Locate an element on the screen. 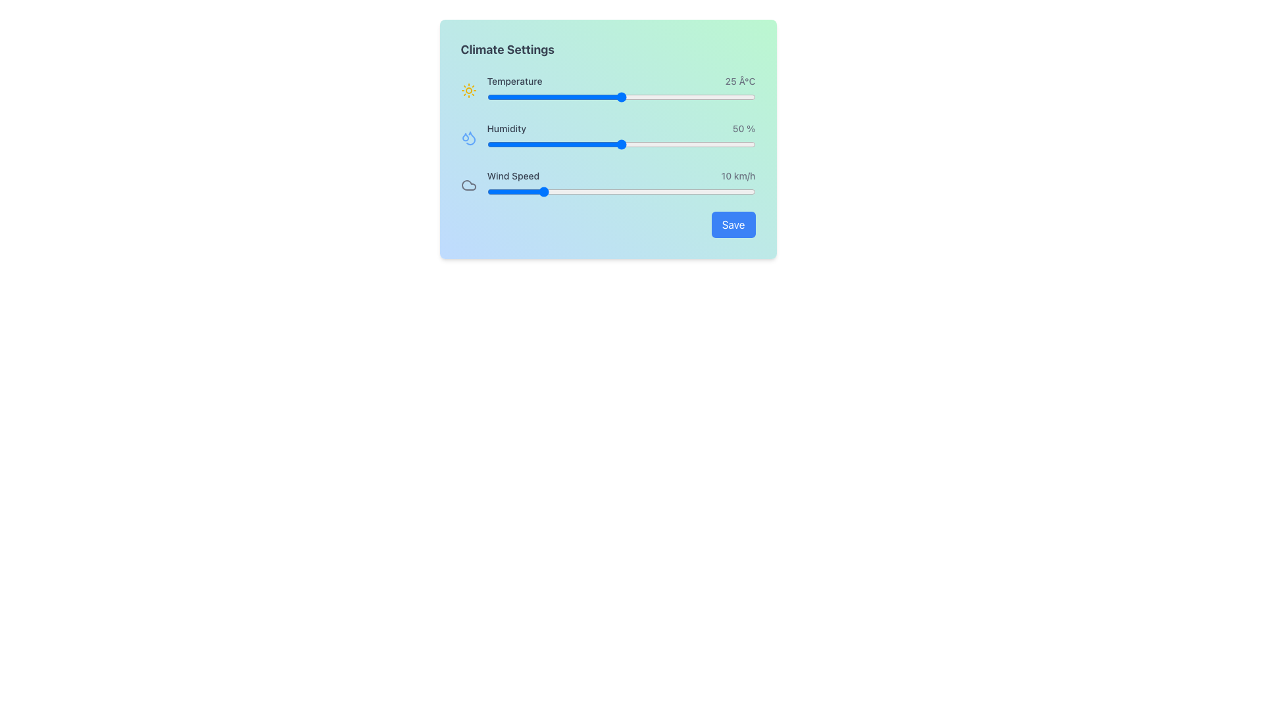 This screenshot has width=1263, height=710. the slider is located at coordinates (583, 96).